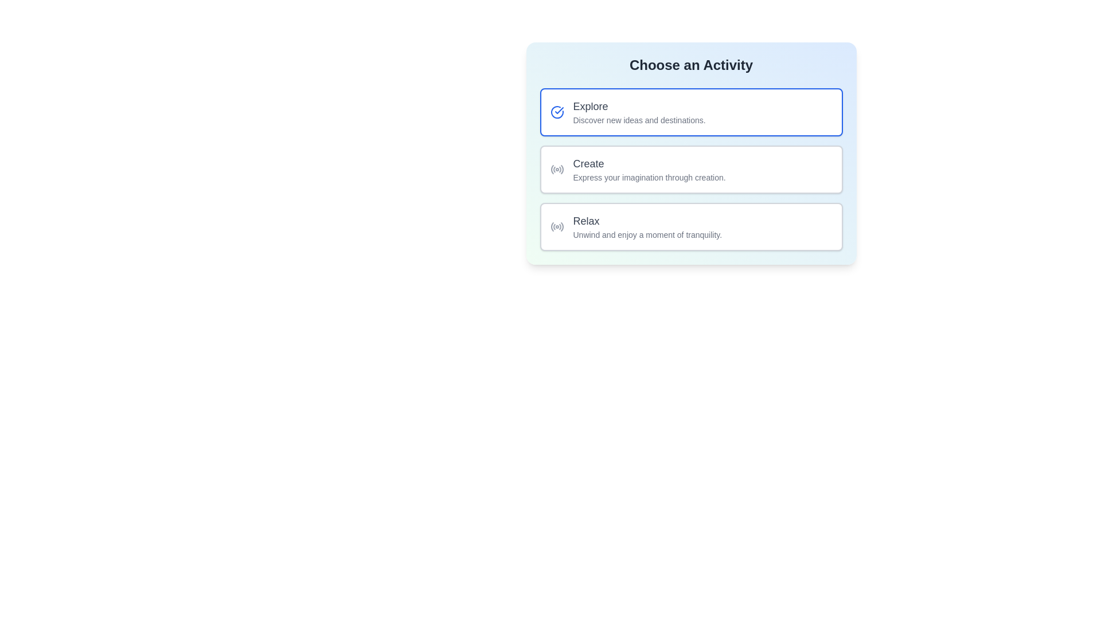 This screenshot has height=619, width=1101. Describe the element at coordinates (649, 170) in the screenshot. I see `text content of the text label titled 'Create' located within a card layout, positioned below the 'Explore' option and above the 'Relax' option in the vertical list` at that location.